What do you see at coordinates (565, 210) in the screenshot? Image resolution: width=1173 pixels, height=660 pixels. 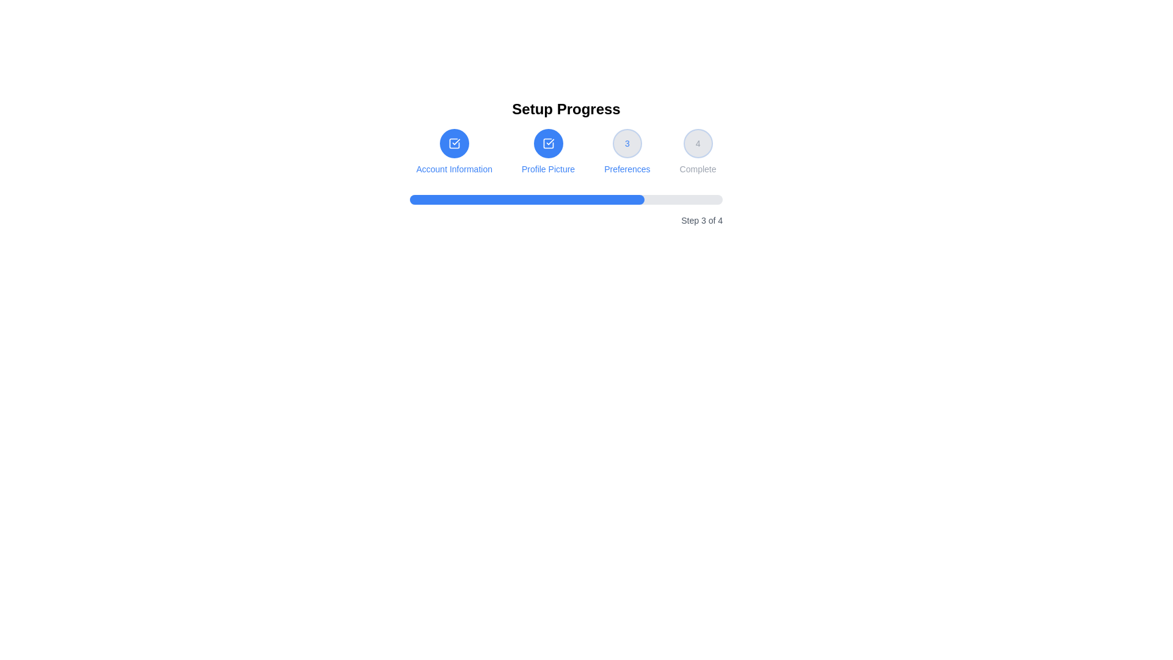 I see `the Progress bar indicating the user's progress in the multi-step process, which is currently at step 3 out of 4` at bounding box center [565, 210].